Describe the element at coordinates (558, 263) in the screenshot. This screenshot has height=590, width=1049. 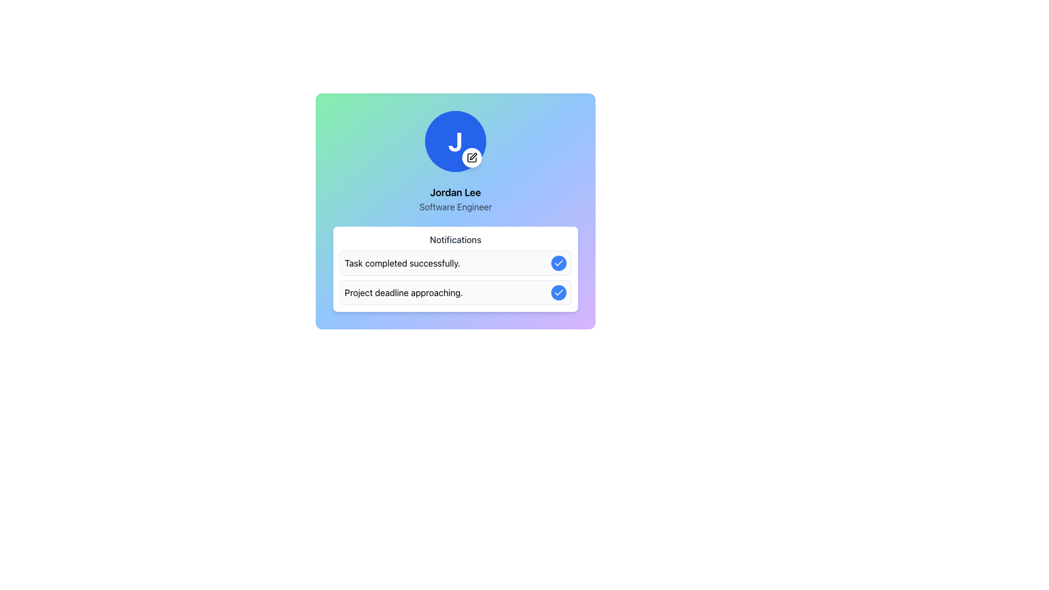
I see `the checkmark icon with a blue background located on the far-right side of the second notification entry` at that location.